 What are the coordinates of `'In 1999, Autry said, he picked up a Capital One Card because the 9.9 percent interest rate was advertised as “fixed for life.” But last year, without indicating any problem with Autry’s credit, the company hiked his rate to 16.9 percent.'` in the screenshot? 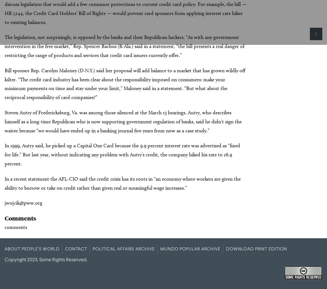 It's located at (122, 154).